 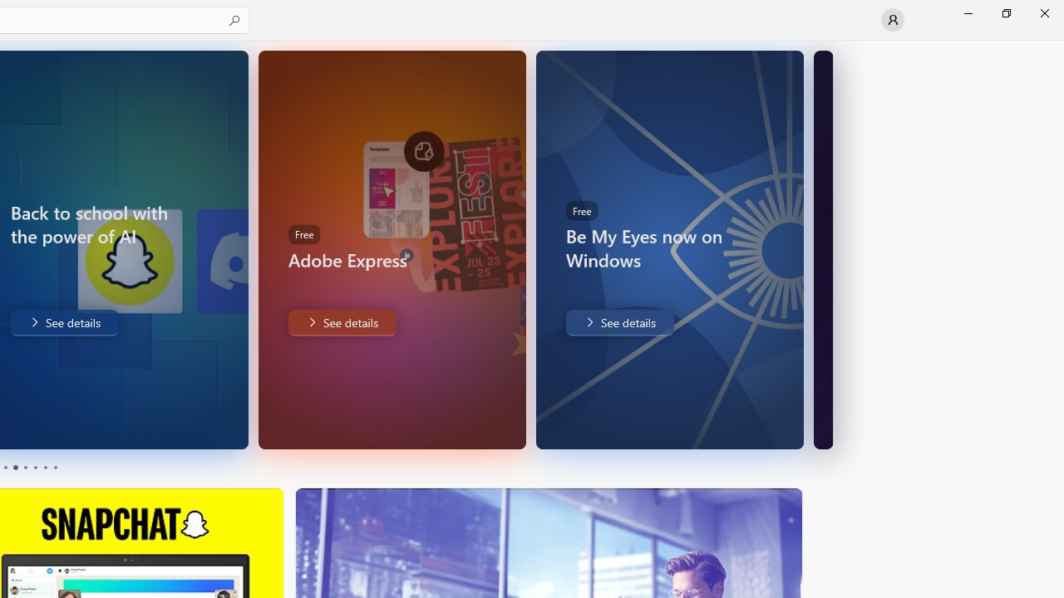 I want to click on 'Page 5', so click(x=45, y=468).